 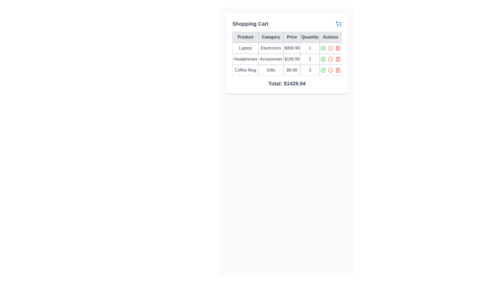 What do you see at coordinates (310, 59) in the screenshot?
I see `the static text cell displaying the quantity of 'Headphones' in the shopping cart table` at bounding box center [310, 59].